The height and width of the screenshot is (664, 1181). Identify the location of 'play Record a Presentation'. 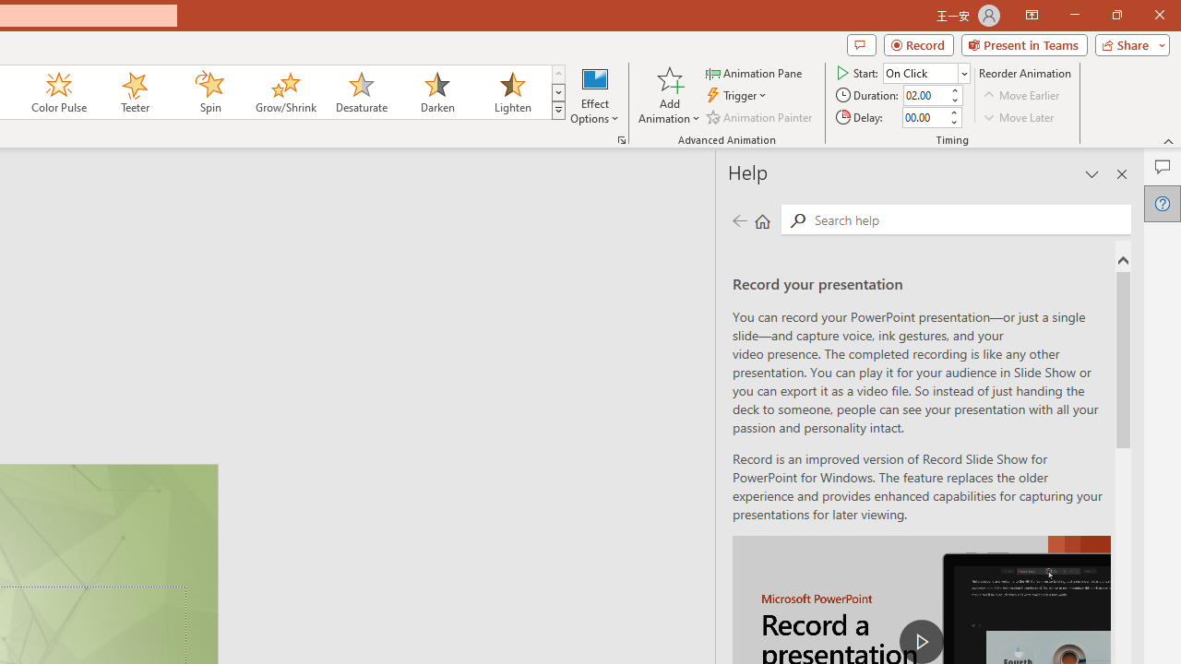
(922, 640).